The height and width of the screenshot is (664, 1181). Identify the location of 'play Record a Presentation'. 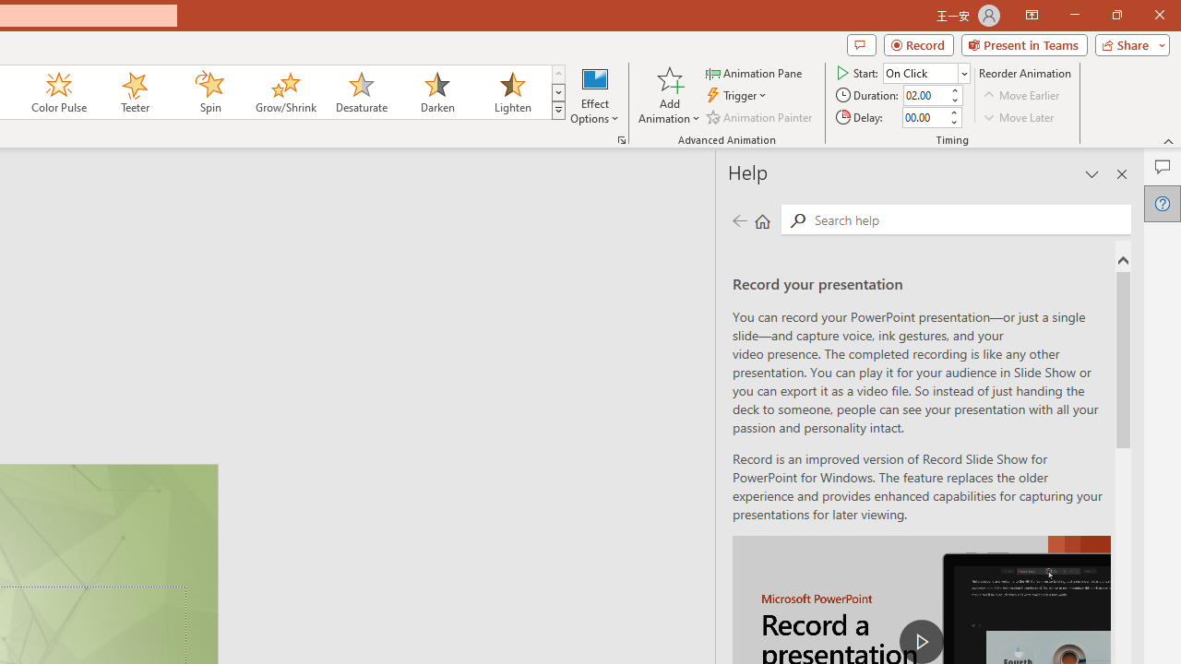
(922, 640).